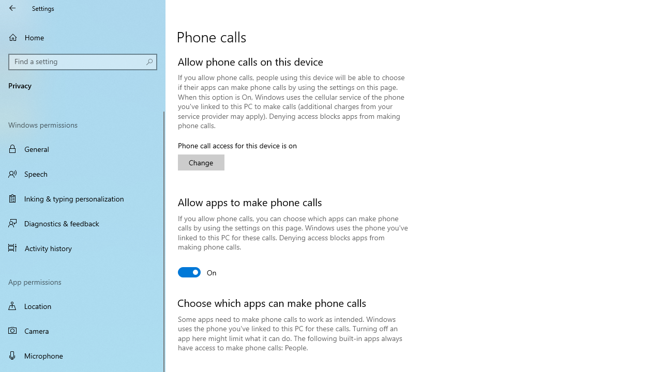  I want to click on 'Microphone', so click(83, 354).